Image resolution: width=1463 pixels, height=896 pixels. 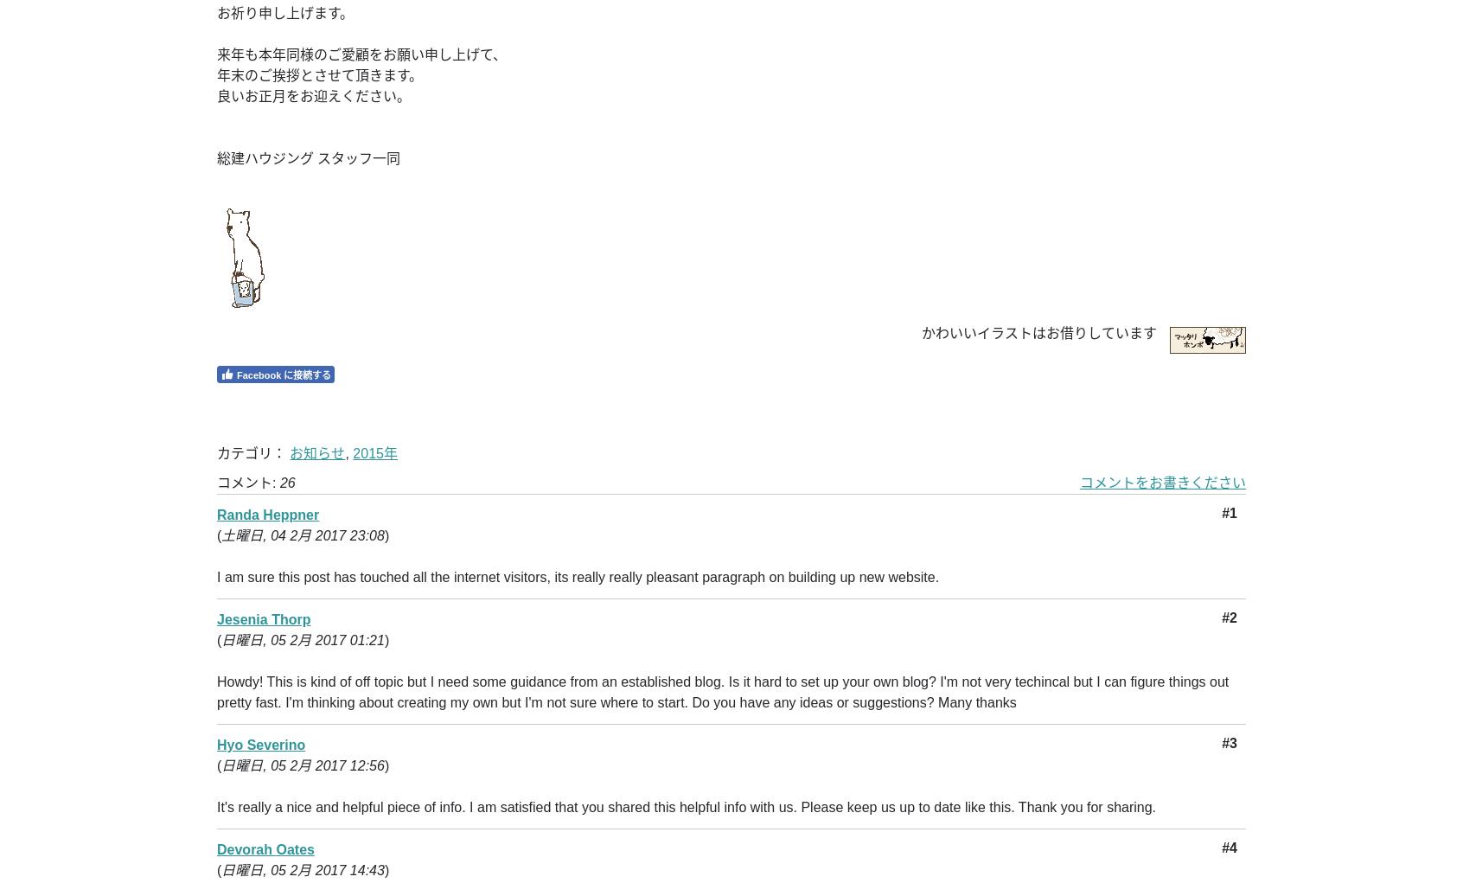 What do you see at coordinates (246, 483) in the screenshot?
I see `'コメント:'` at bounding box center [246, 483].